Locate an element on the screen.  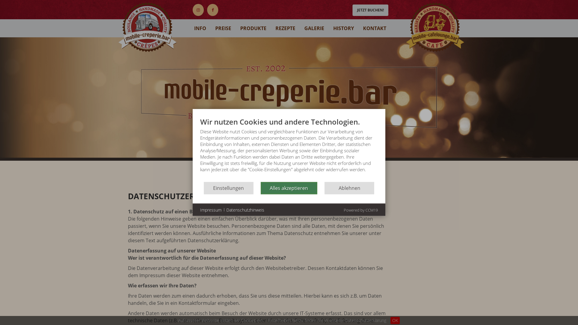
'PRODUKTE' is located at coordinates (235, 28).